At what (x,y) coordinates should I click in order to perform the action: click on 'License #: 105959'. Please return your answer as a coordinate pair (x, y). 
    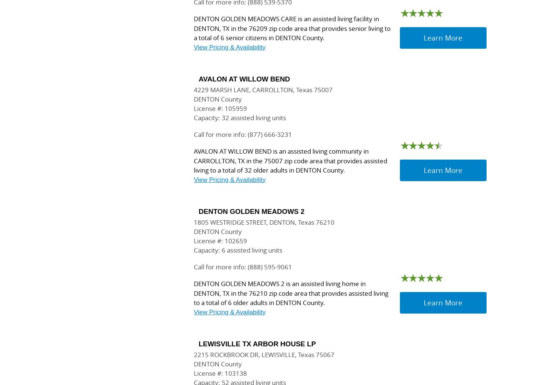
    Looking at the image, I should click on (193, 108).